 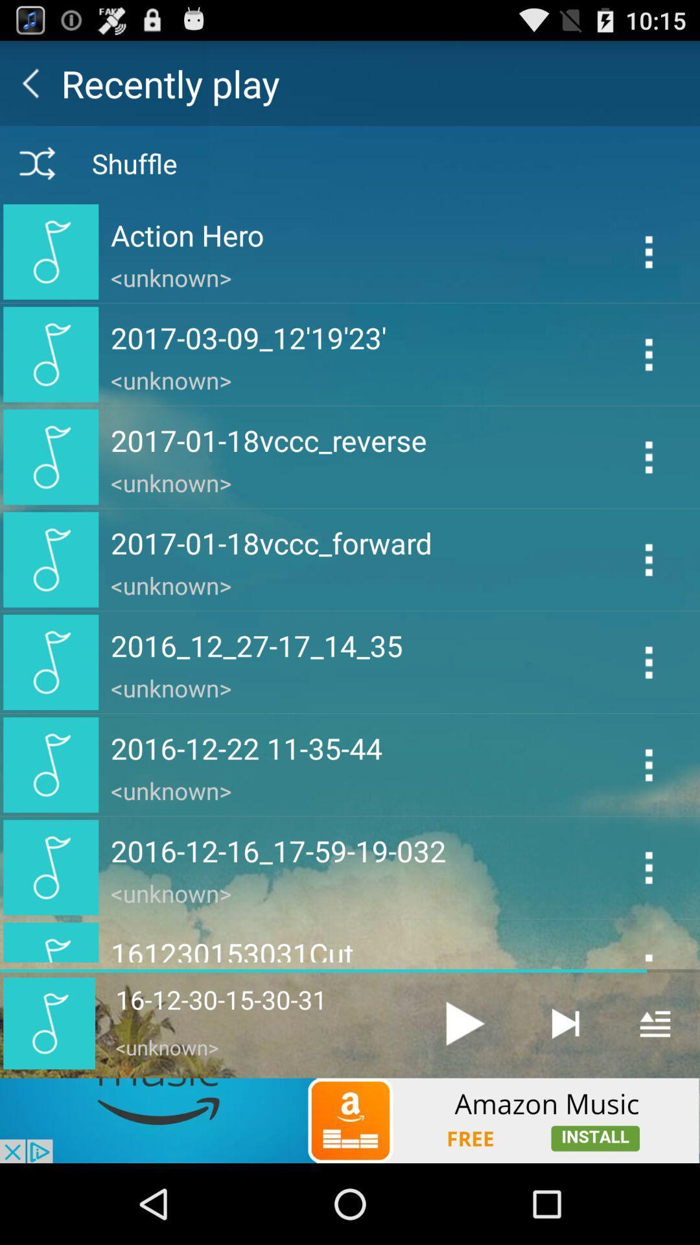 I want to click on install amazon music, so click(x=350, y=1120).